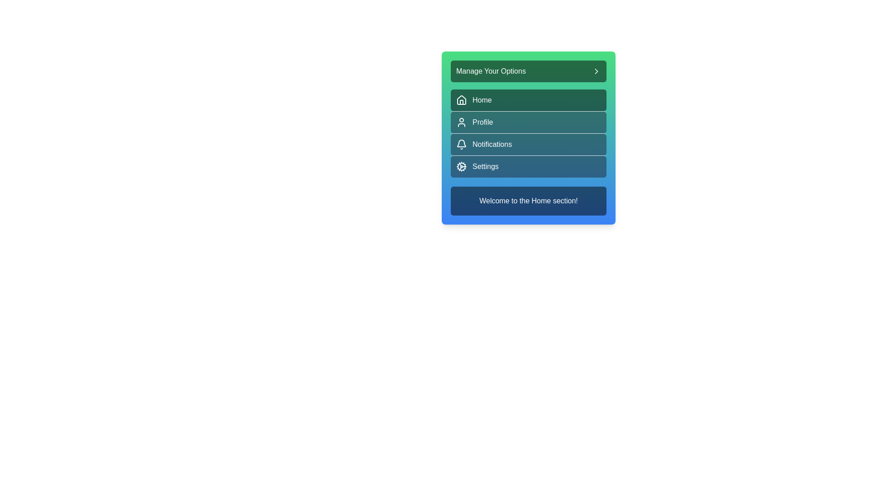 Image resolution: width=869 pixels, height=488 pixels. What do you see at coordinates (461, 122) in the screenshot?
I see `the user icon styled as a minimalist silhouette of a person, located within the 'Profile' entry of the menu, positioned to the left of the text 'Profile'` at bounding box center [461, 122].